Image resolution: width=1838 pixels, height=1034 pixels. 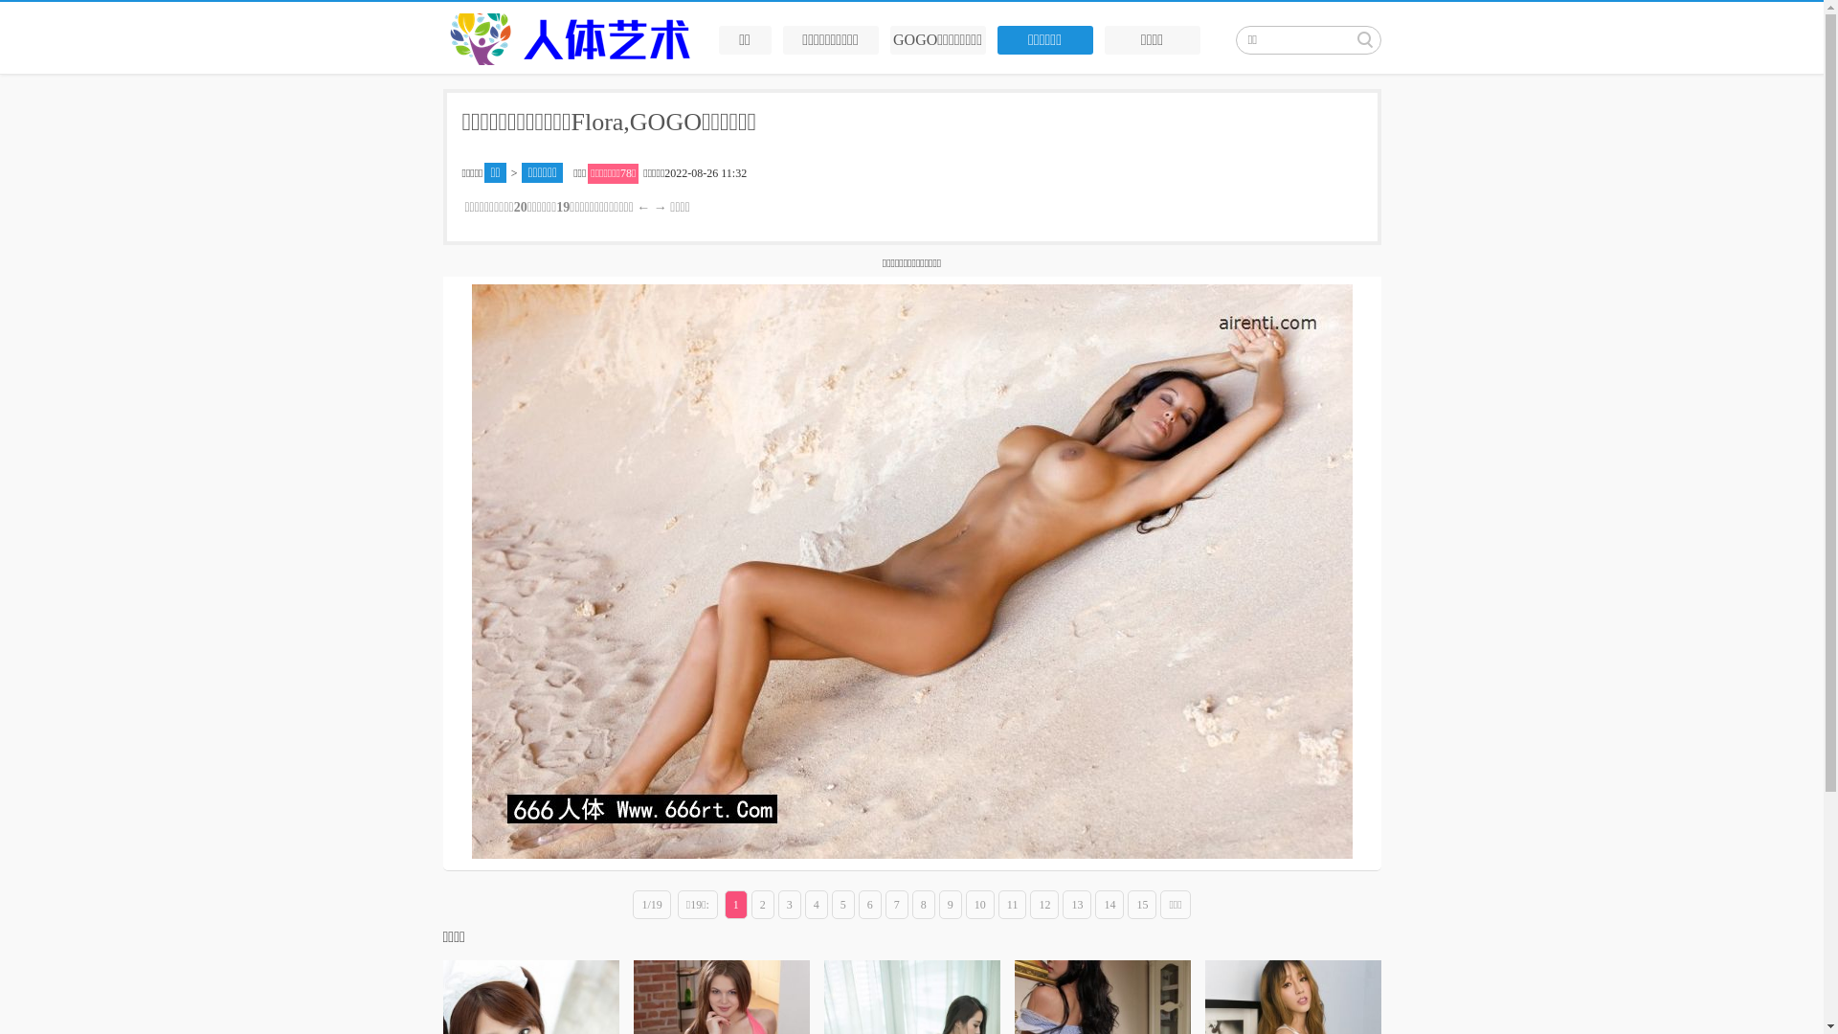 What do you see at coordinates (817, 905) in the screenshot?
I see `'4'` at bounding box center [817, 905].